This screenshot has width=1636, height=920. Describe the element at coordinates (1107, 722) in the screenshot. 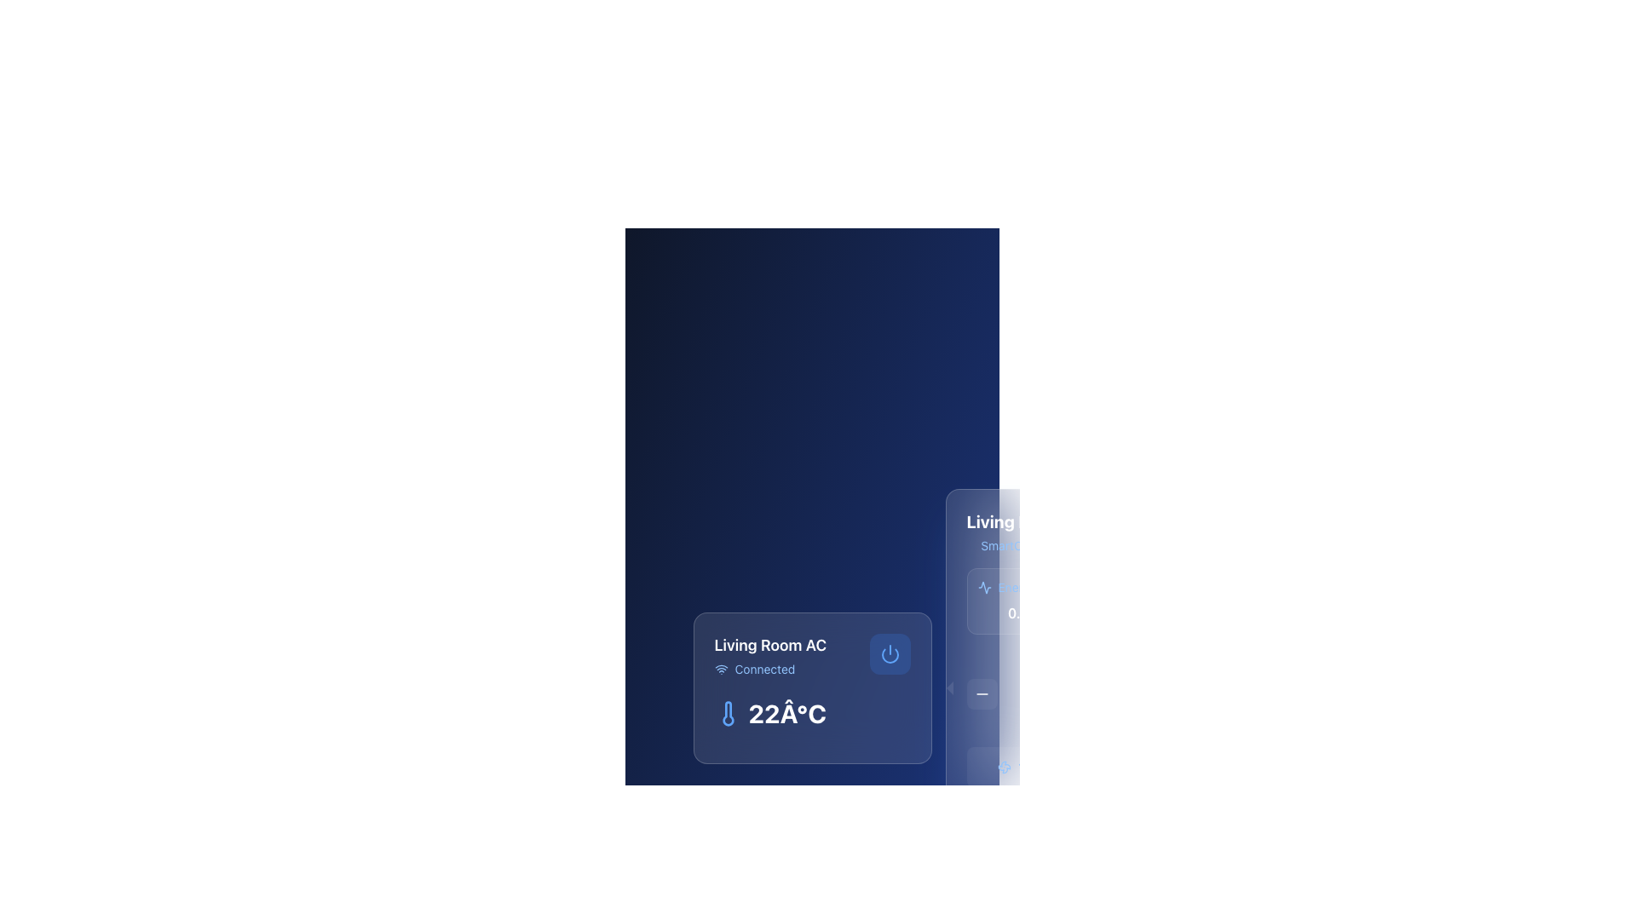

I see `the decrement button for the Temperature and Fan Speed information display, which is styled with subdued blue titles and prominent white and blue values` at that location.